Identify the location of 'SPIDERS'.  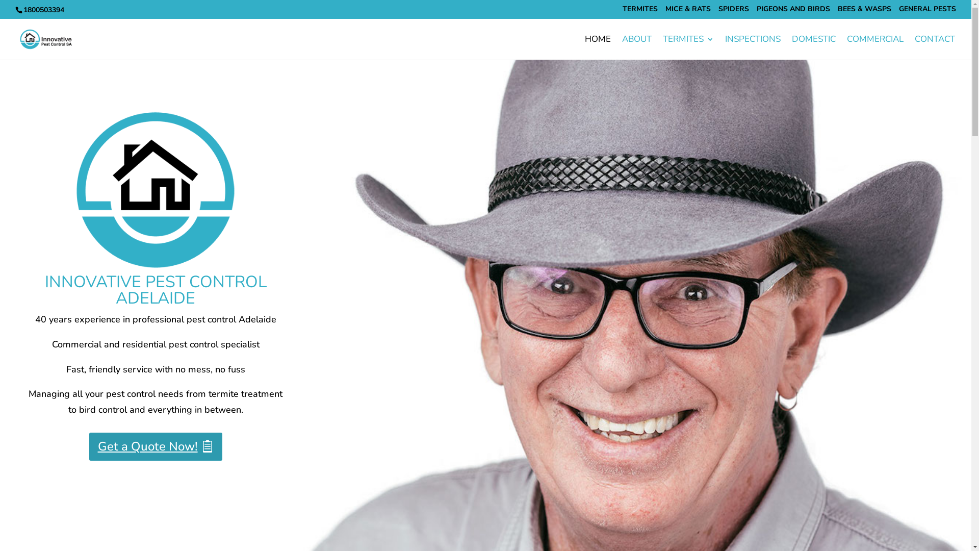
(718, 11).